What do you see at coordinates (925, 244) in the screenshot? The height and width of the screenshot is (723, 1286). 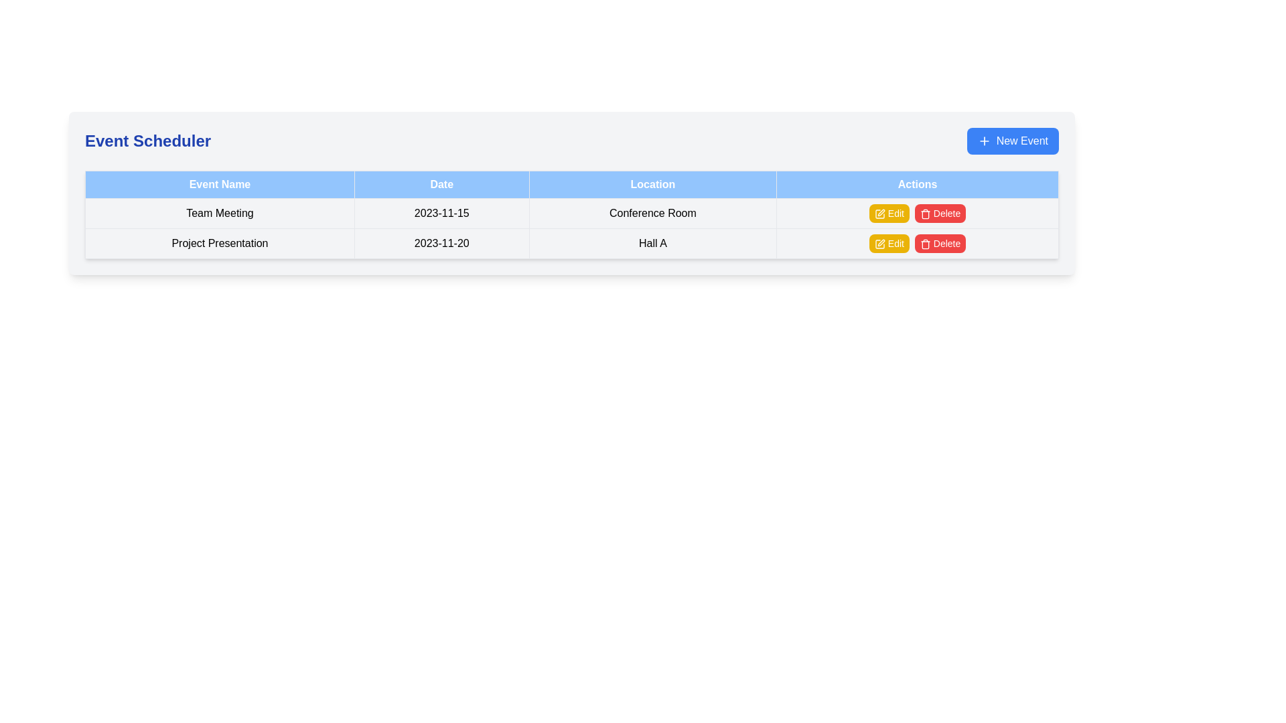 I see `the trash can icon within the 'Delete' button for the 'Project Presentation' entry` at bounding box center [925, 244].